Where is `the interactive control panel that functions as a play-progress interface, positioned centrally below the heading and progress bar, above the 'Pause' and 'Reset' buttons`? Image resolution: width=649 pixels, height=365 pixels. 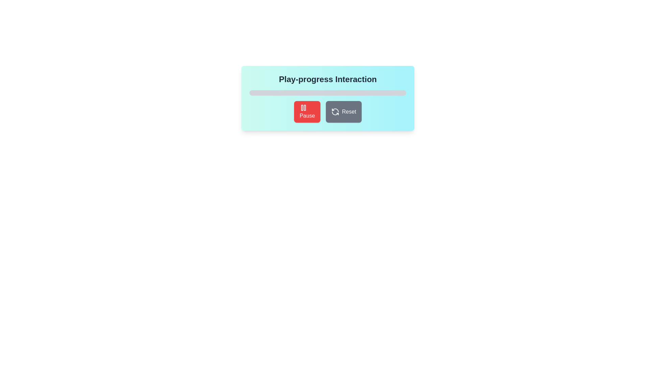 the interactive control panel that functions as a play-progress interface, positioned centrally below the heading and progress bar, above the 'Pause' and 'Reset' buttons is located at coordinates (328, 98).